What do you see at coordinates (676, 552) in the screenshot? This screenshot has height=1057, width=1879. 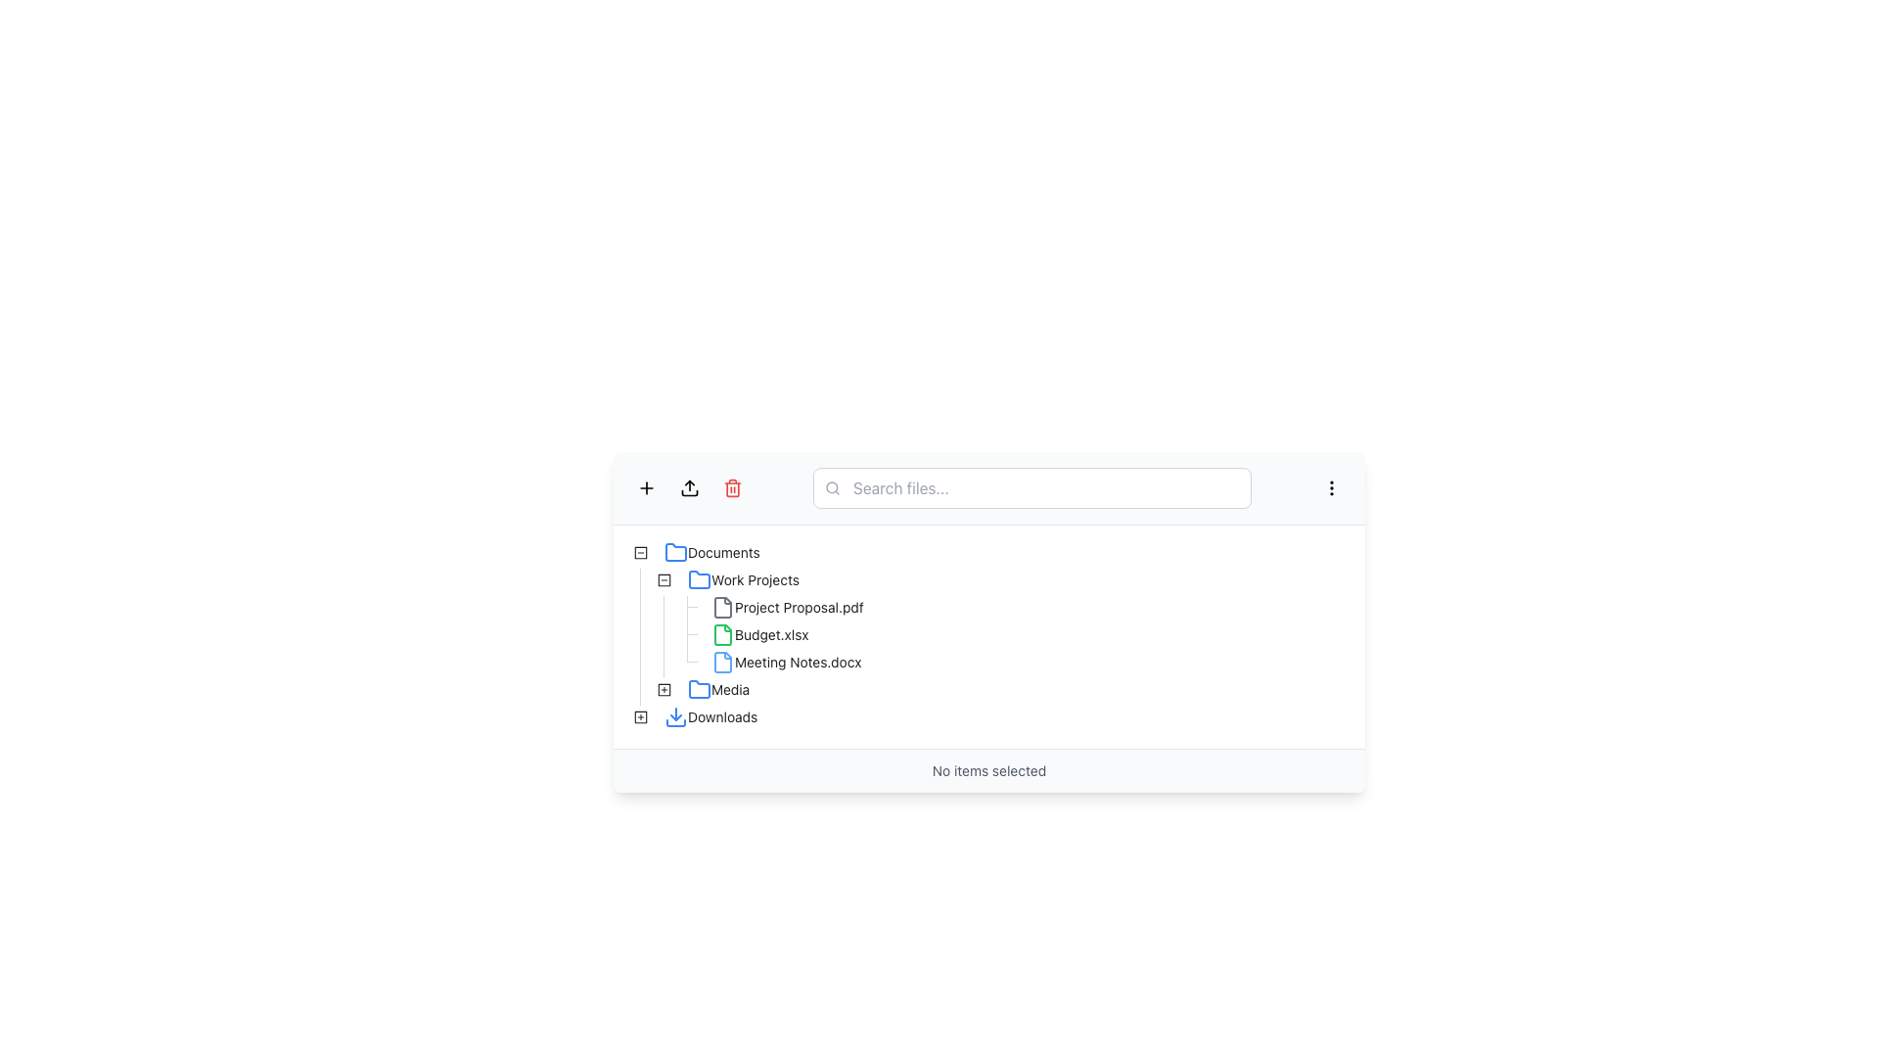 I see `the blue outlined folder icon at the beginning of the 'Documents' folder entry in the file tree interface` at bounding box center [676, 552].